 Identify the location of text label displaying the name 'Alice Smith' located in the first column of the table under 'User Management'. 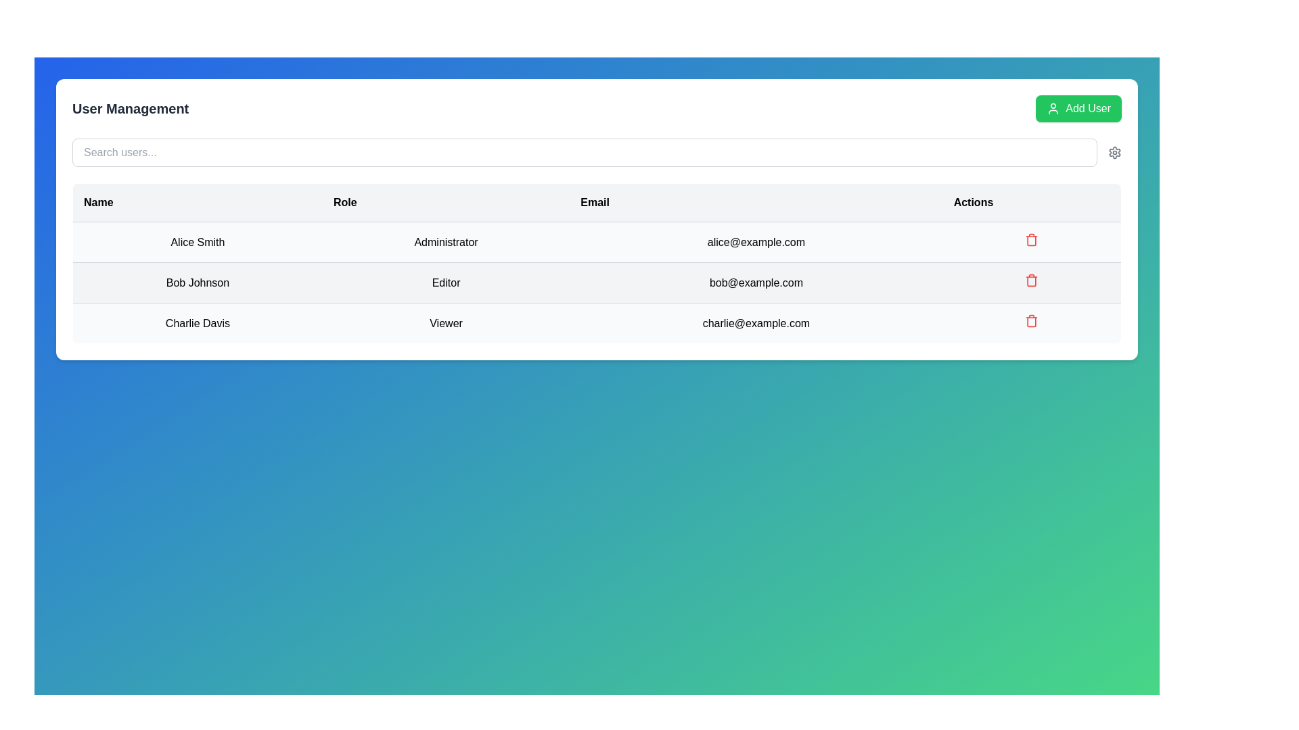
(197, 241).